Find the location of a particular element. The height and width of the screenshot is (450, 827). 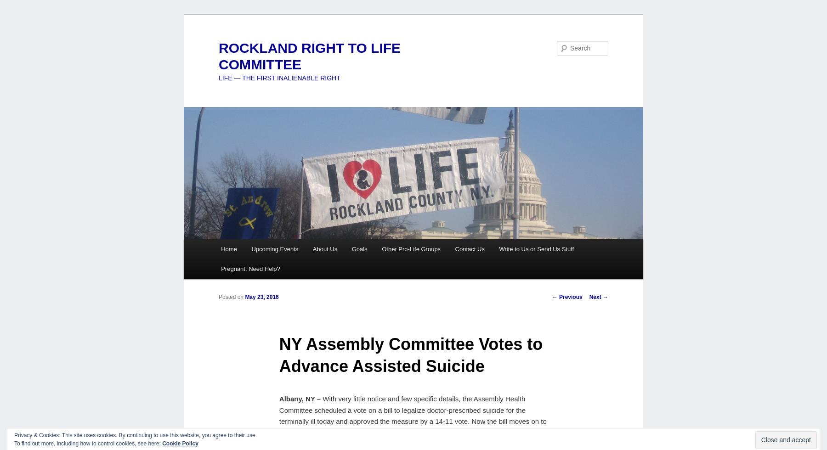

'Posted on' is located at coordinates (231, 297).